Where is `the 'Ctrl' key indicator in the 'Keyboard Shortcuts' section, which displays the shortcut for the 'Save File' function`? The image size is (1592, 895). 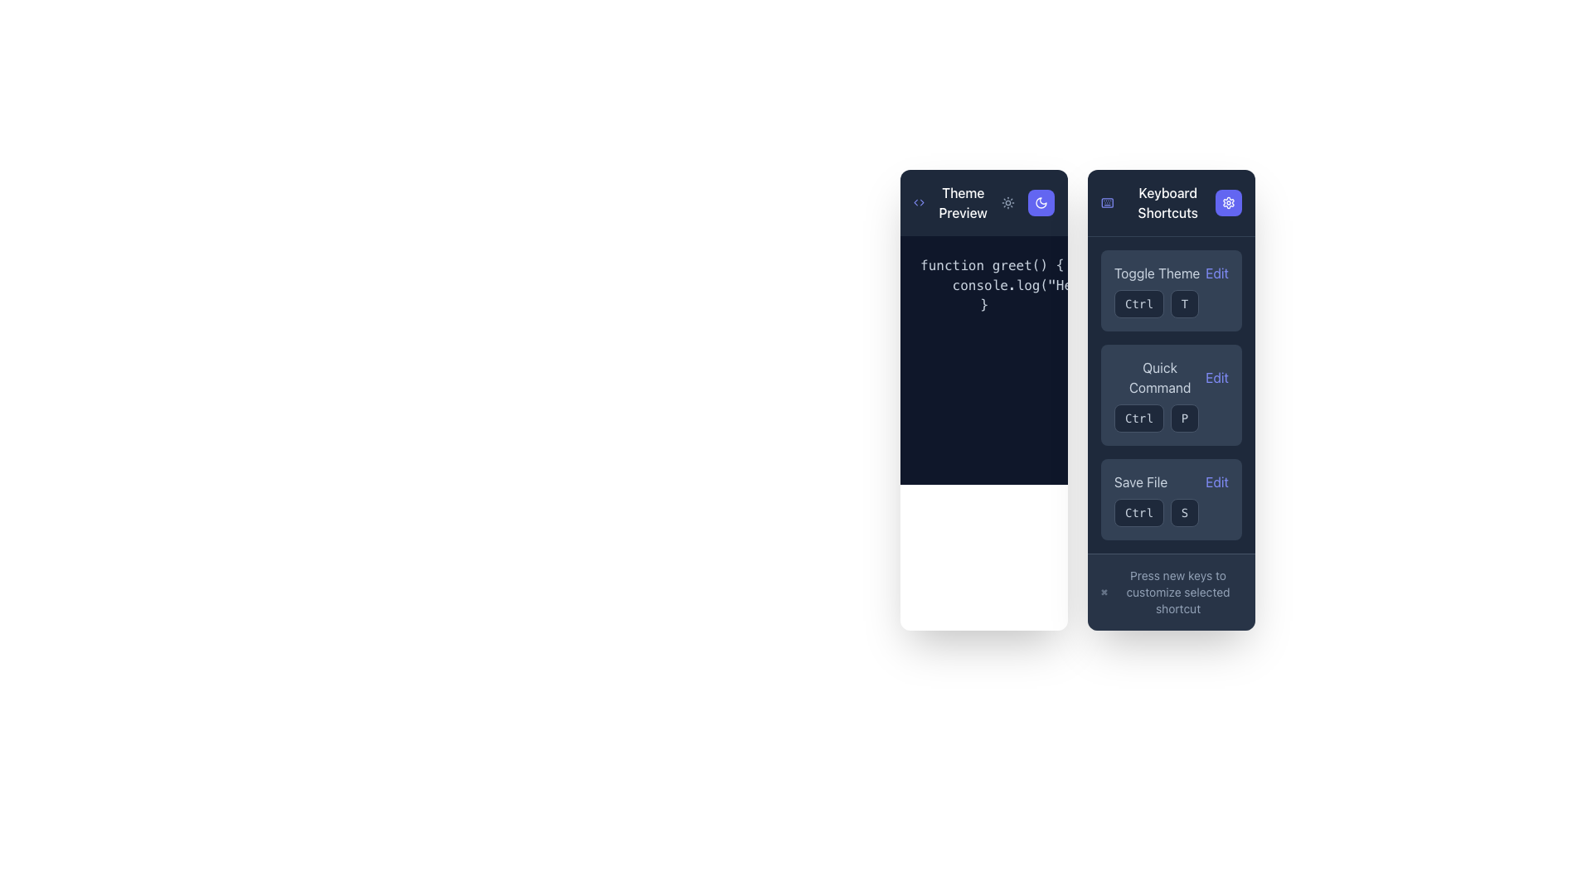
the 'Ctrl' key indicator in the 'Keyboard Shortcuts' section, which displays the shortcut for the 'Save File' function is located at coordinates (1138, 511).